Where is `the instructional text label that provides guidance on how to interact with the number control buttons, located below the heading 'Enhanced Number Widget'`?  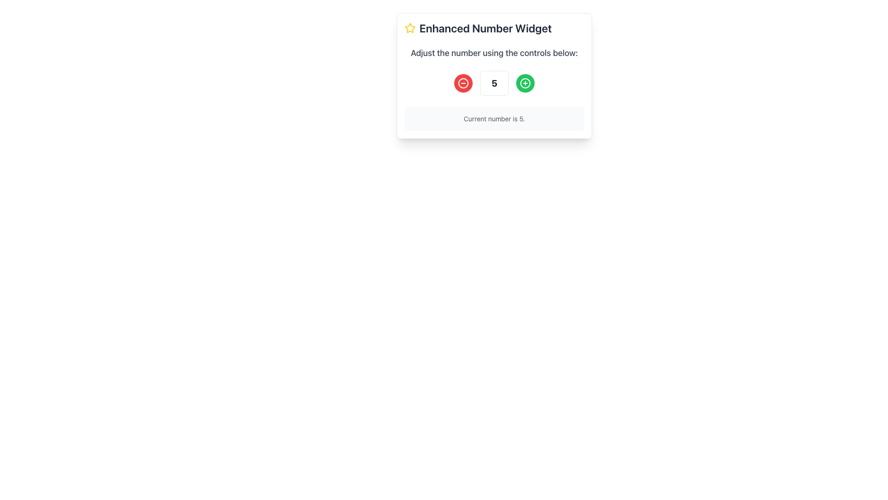
the instructional text label that provides guidance on how to interact with the number control buttons, located below the heading 'Enhanced Number Widget' is located at coordinates (494, 53).